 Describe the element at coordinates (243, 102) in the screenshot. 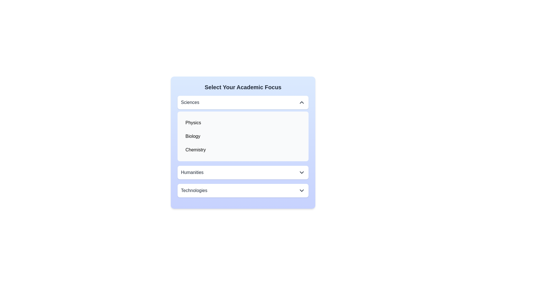

I see `the dropdown menu option labeled 'Sciences', which is the top option in the academic focus categories list` at that location.